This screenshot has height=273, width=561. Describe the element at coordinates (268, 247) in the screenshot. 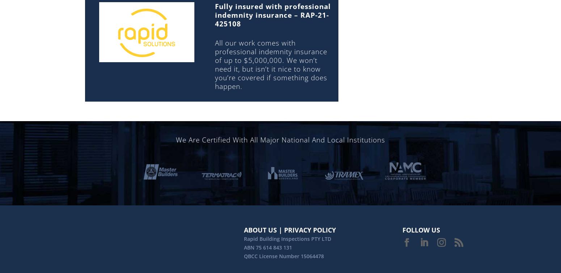

I see `'ABN 75 614 843 131'` at that location.